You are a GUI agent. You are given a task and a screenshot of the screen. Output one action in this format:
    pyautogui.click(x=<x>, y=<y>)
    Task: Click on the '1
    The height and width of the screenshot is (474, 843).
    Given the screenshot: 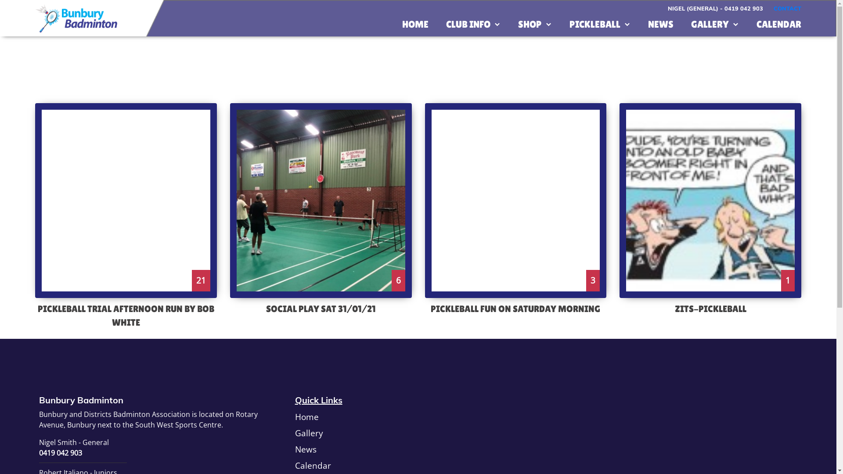 What is the action you would take?
    pyautogui.click(x=710, y=209)
    